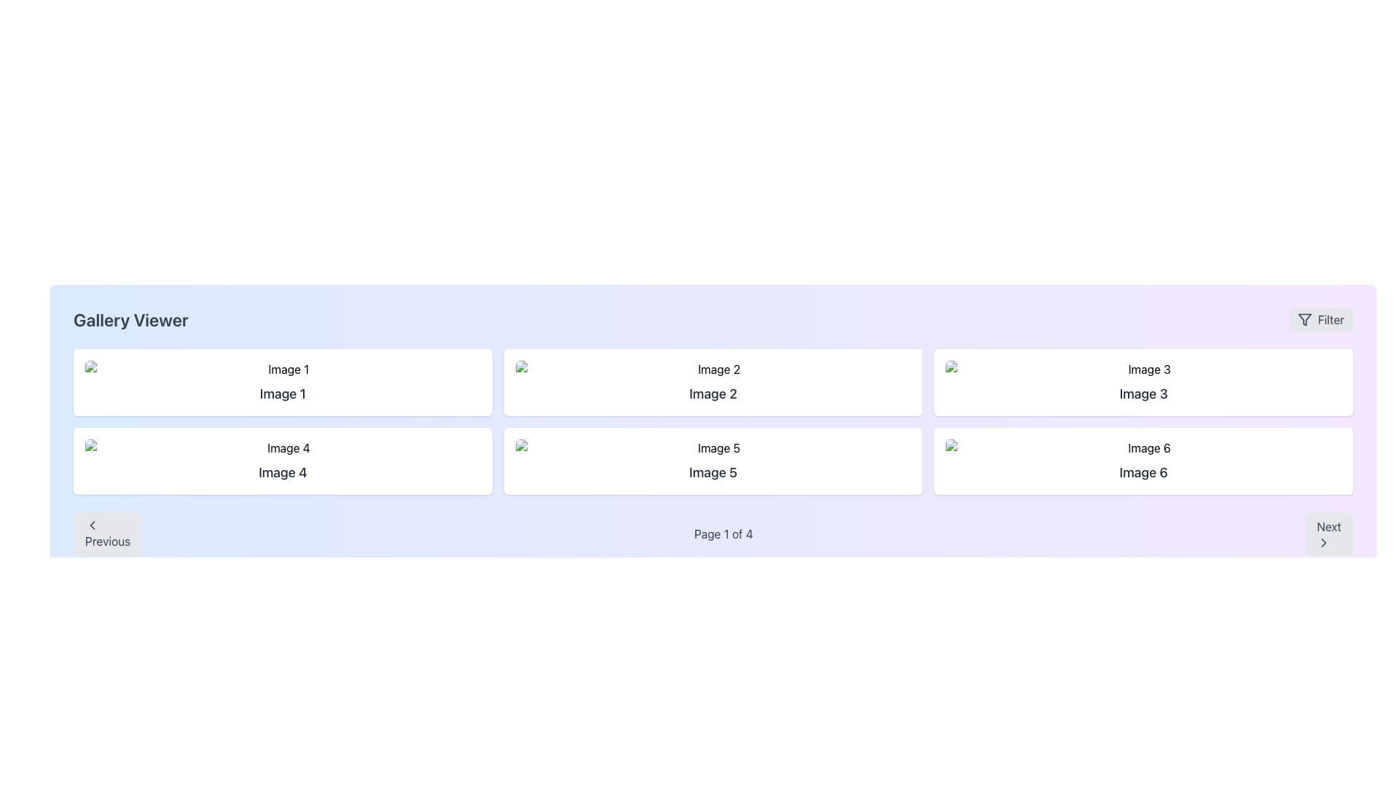  I want to click on the image placeholder labeled 'Image 4', so click(283, 447).